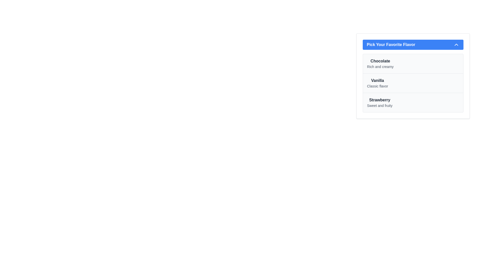 This screenshot has height=273, width=486. I want to click on the 'Strawberry' text label, which is styled with a bold font and dark gray color, so click(379, 100).